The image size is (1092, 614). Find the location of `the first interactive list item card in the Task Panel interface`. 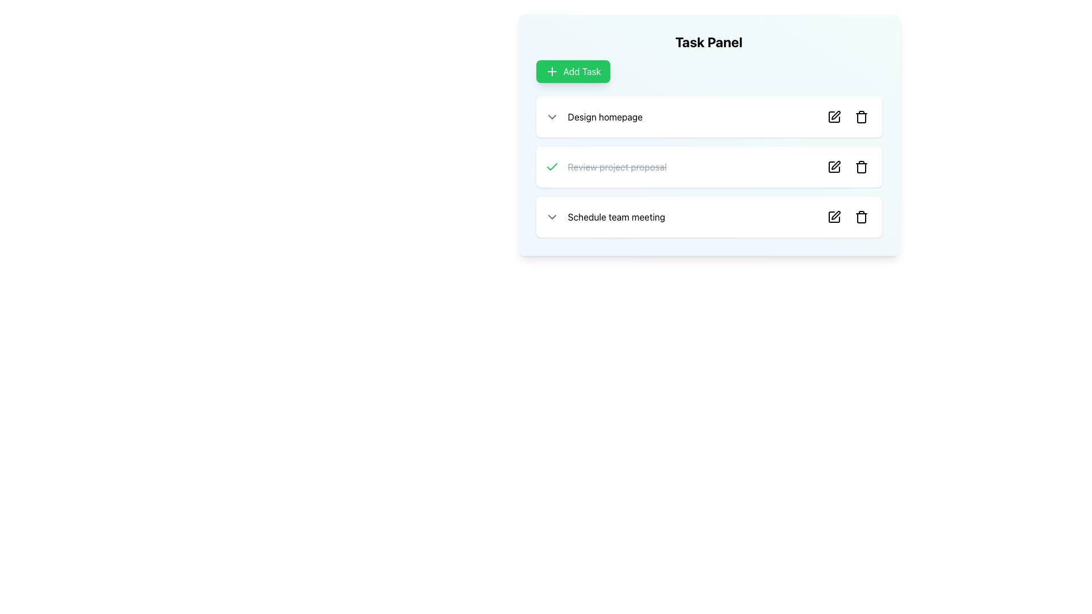

the first interactive list item card in the Task Panel interface is located at coordinates (708, 117).